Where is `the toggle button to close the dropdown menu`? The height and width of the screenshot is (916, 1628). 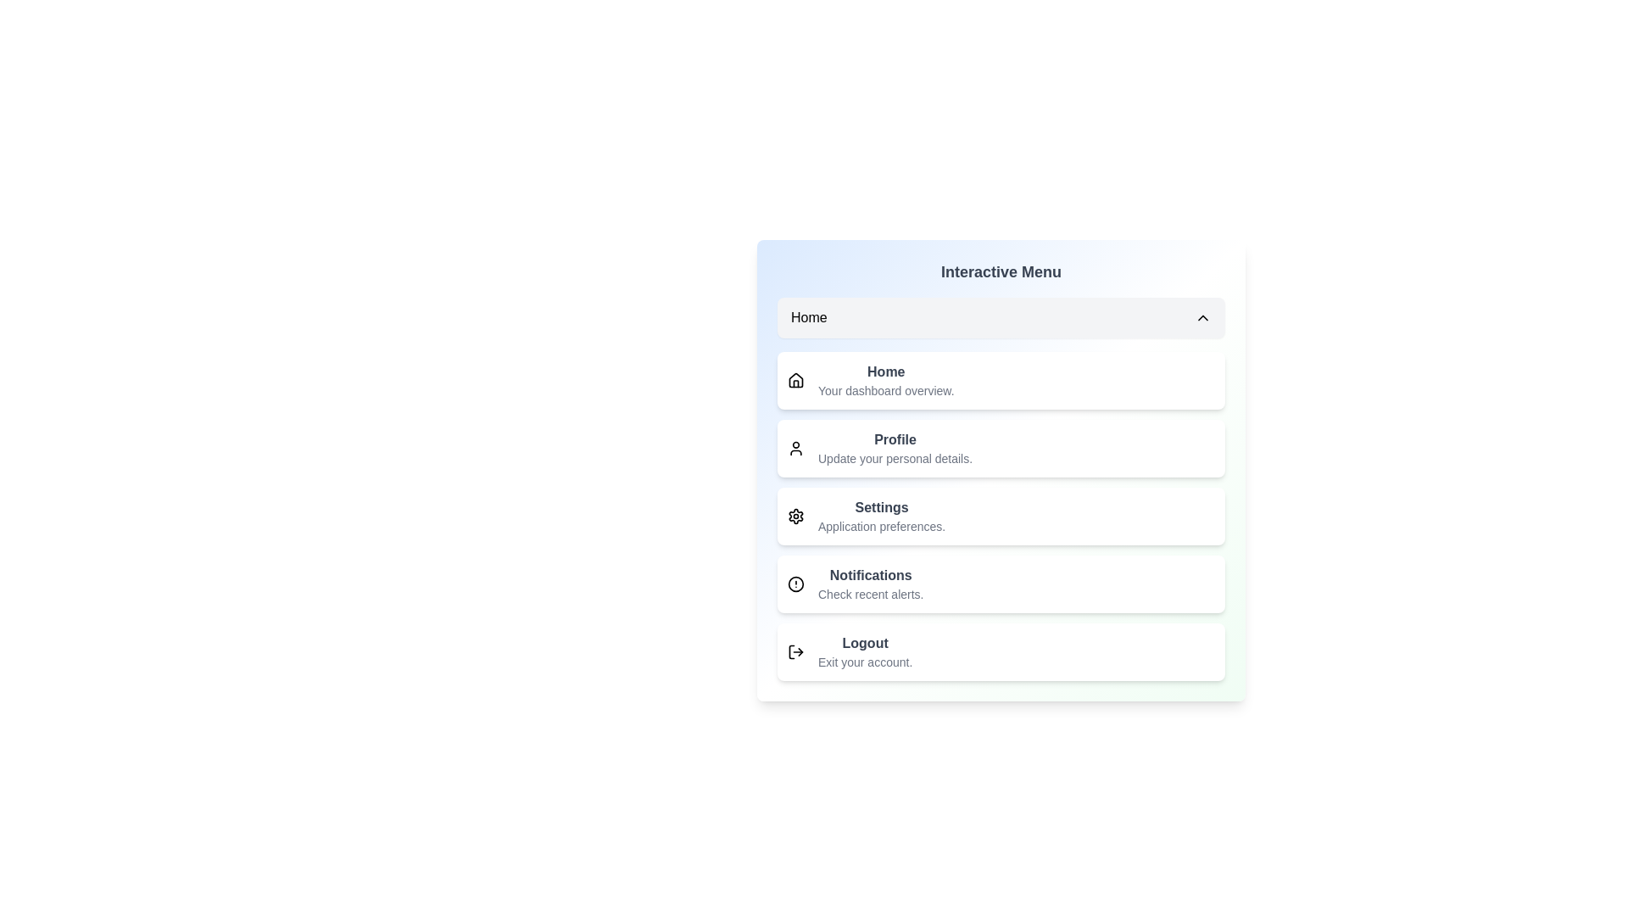
the toggle button to close the dropdown menu is located at coordinates (1202, 317).